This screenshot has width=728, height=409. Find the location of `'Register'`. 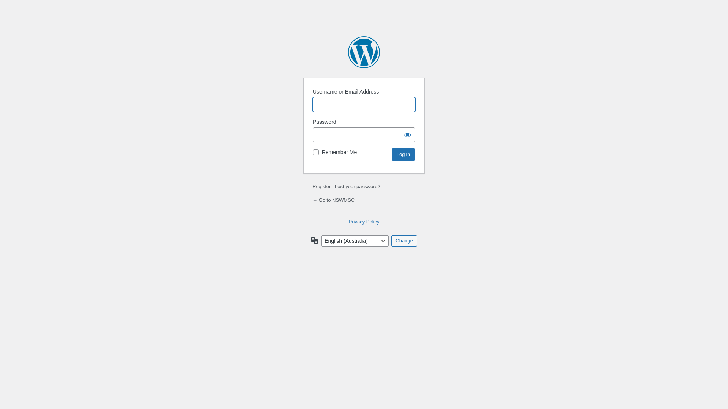

'Register' is located at coordinates (322, 186).